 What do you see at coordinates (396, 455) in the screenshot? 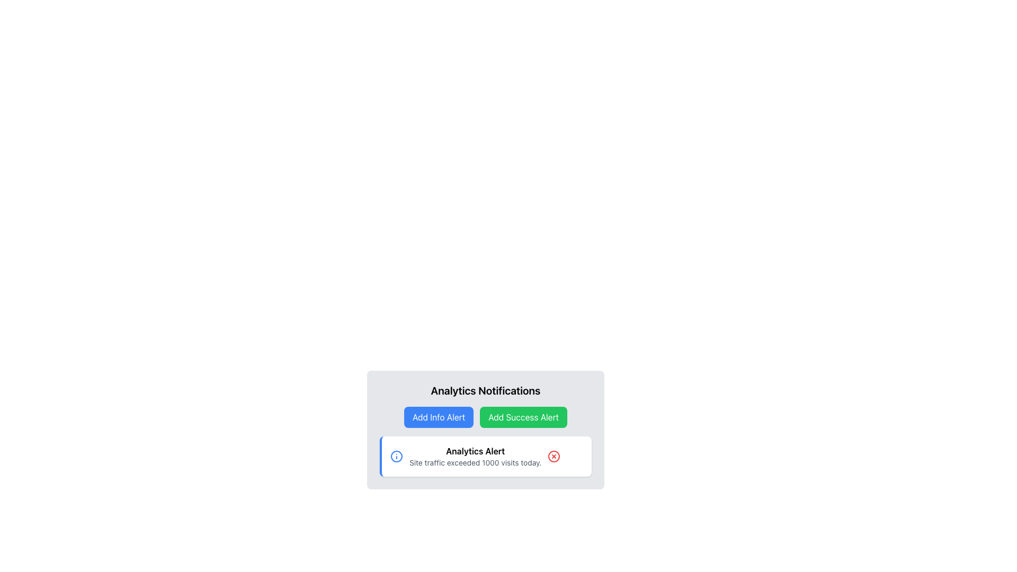
I see `the circular decorative component in the SVG graphic located at the left edge of the alert message box that reads 'Analytics Alert - Site traffic exceeded 1000 visits today.'` at bounding box center [396, 455].